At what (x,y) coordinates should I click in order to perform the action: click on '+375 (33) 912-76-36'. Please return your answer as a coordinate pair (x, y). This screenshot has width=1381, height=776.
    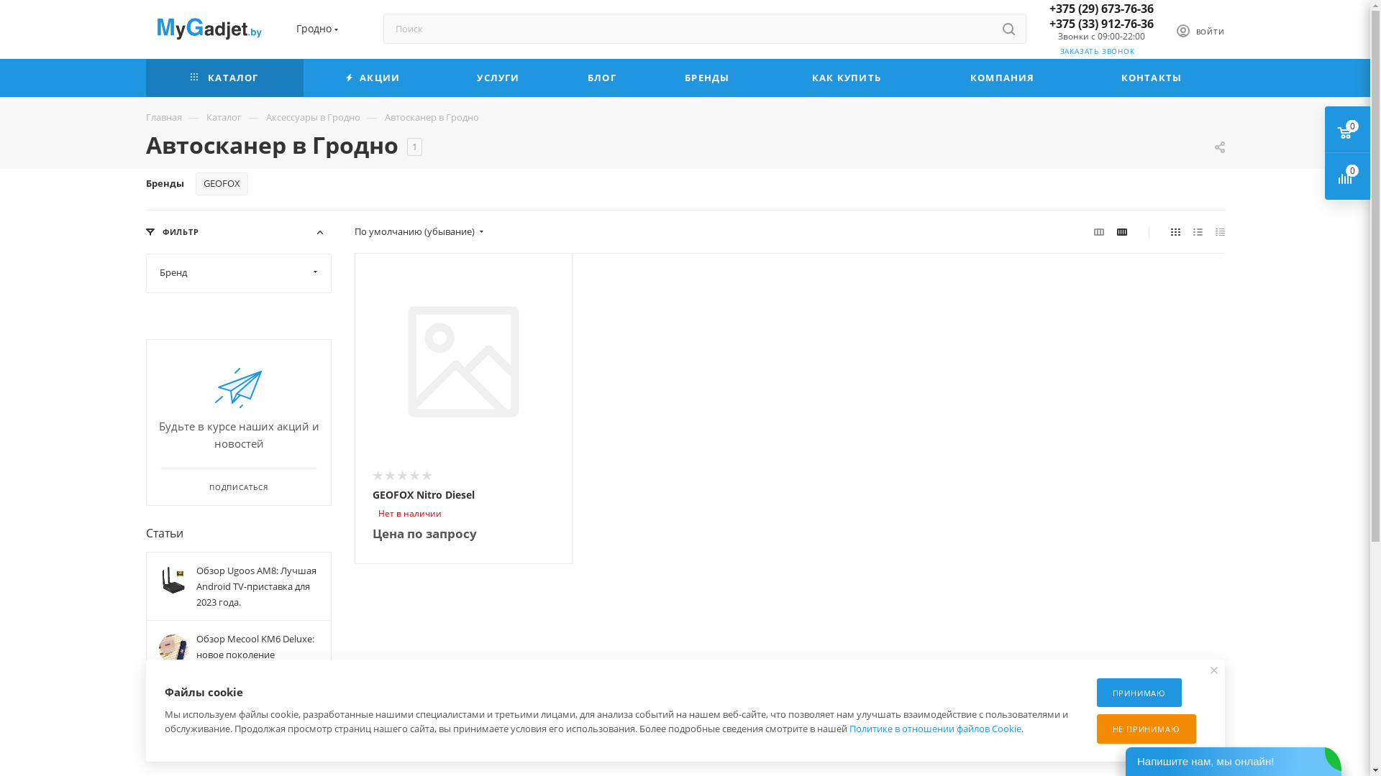
    Looking at the image, I should click on (1049, 24).